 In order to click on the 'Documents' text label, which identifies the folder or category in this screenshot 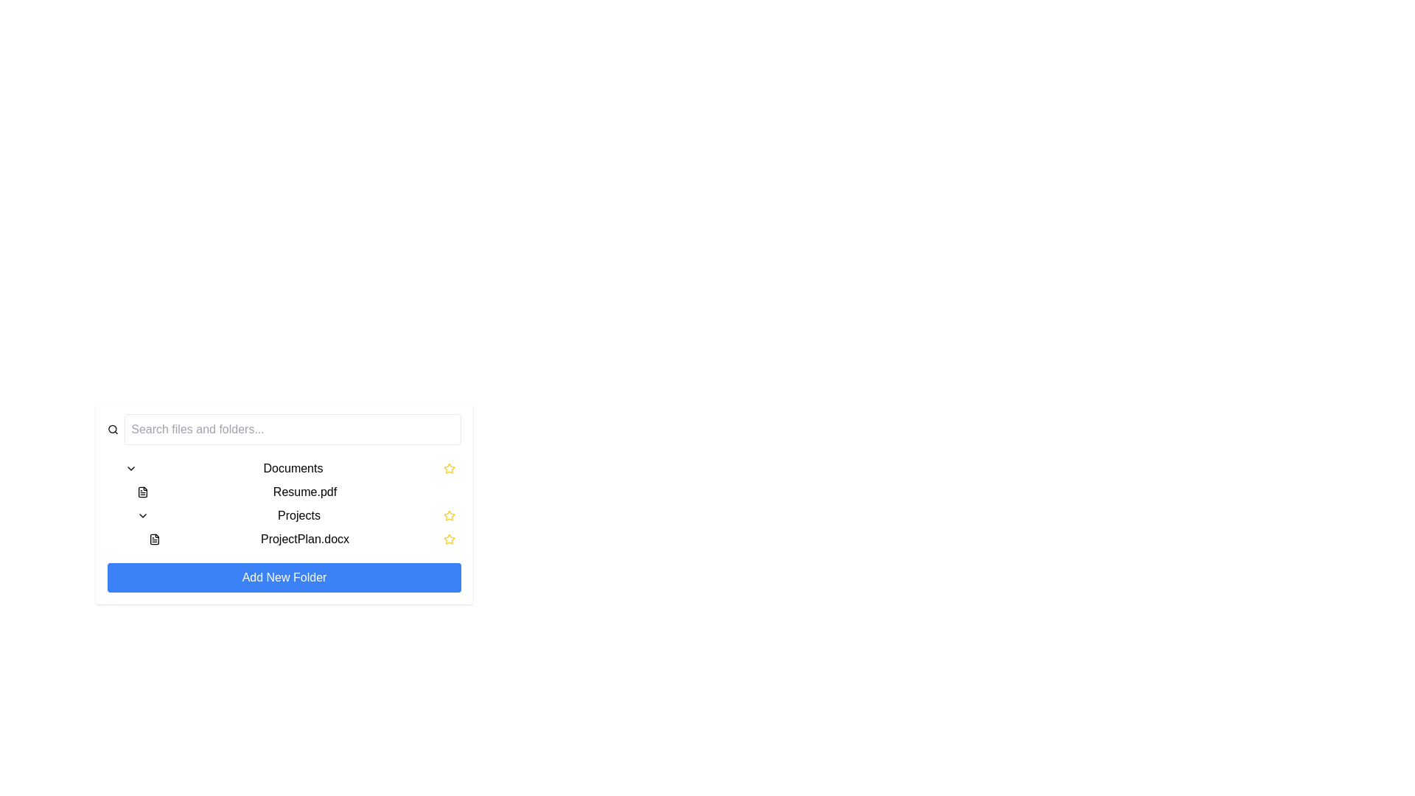, I will do `click(293, 469)`.